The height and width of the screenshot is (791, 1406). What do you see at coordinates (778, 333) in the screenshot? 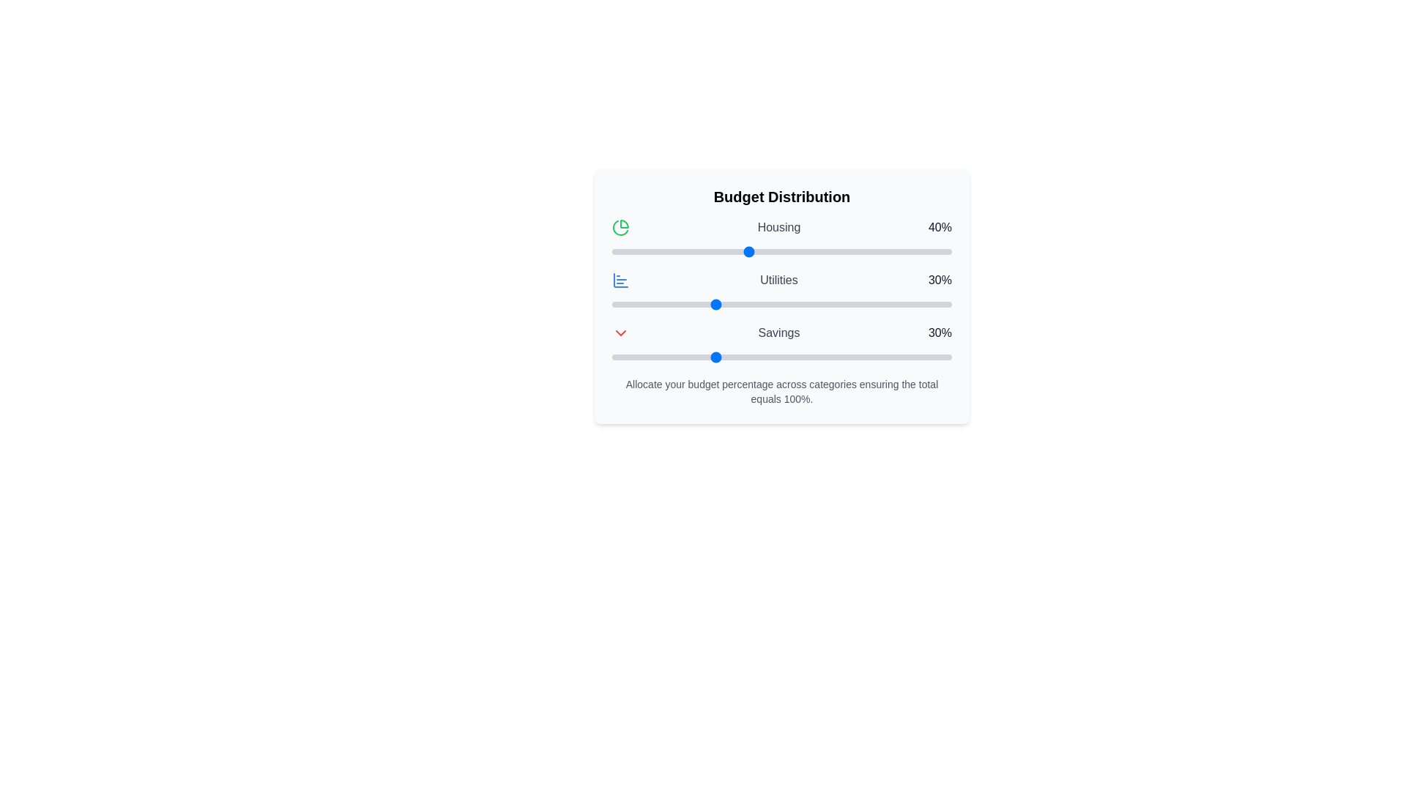
I see `the 'Savings' text label, which displays the text in a medium-sized gray font, positioned in a horizontal row with a slider and a percentage value '30%'` at bounding box center [778, 333].